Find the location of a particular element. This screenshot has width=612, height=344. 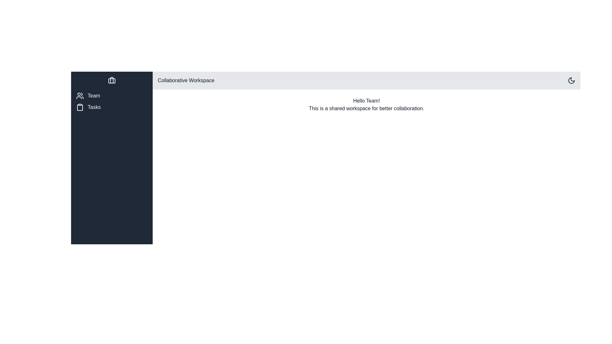

the 'Tasks' text label, which is displayed in white font on a dark sidebar is located at coordinates (94, 107).